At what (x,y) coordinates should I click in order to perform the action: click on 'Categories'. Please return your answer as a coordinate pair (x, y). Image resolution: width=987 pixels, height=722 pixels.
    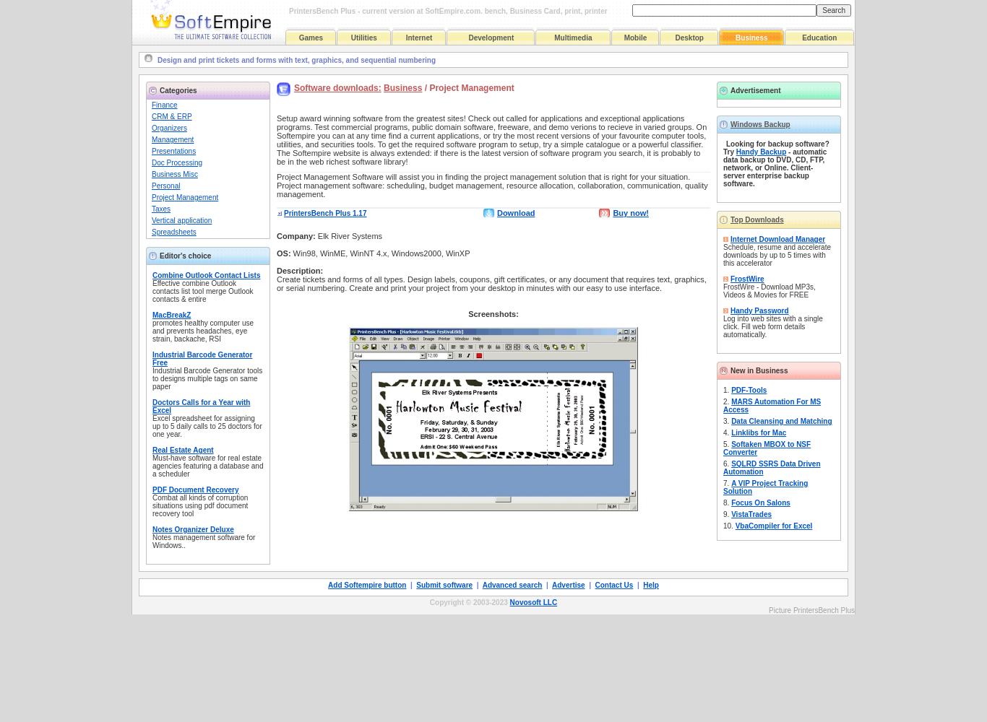
    Looking at the image, I should click on (178, 90).